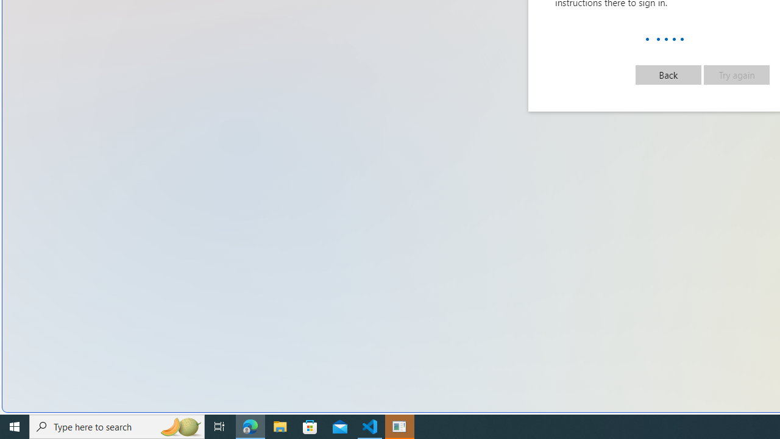  Describe the element at coordinates (736, 74) in the screenshot. I see `'Try again'` at that location.